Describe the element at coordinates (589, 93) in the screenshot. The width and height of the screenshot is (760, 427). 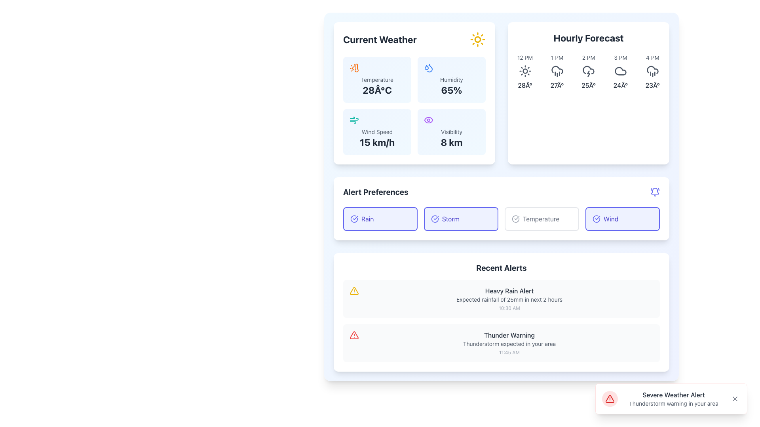
I see `the weather icons within the 'Hourly Forecast' card component located in the top-right section of the interface by clicking on them for more information` at that location.